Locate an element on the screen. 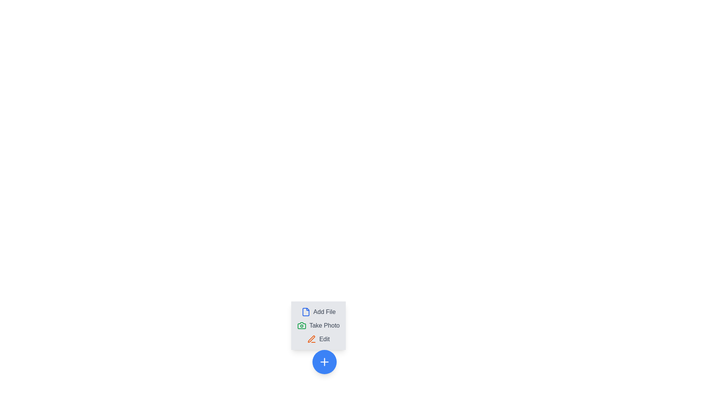 This screenshot has width=728, height=409. the Text Label next to the camera icon is located at coordinates (324, 325).